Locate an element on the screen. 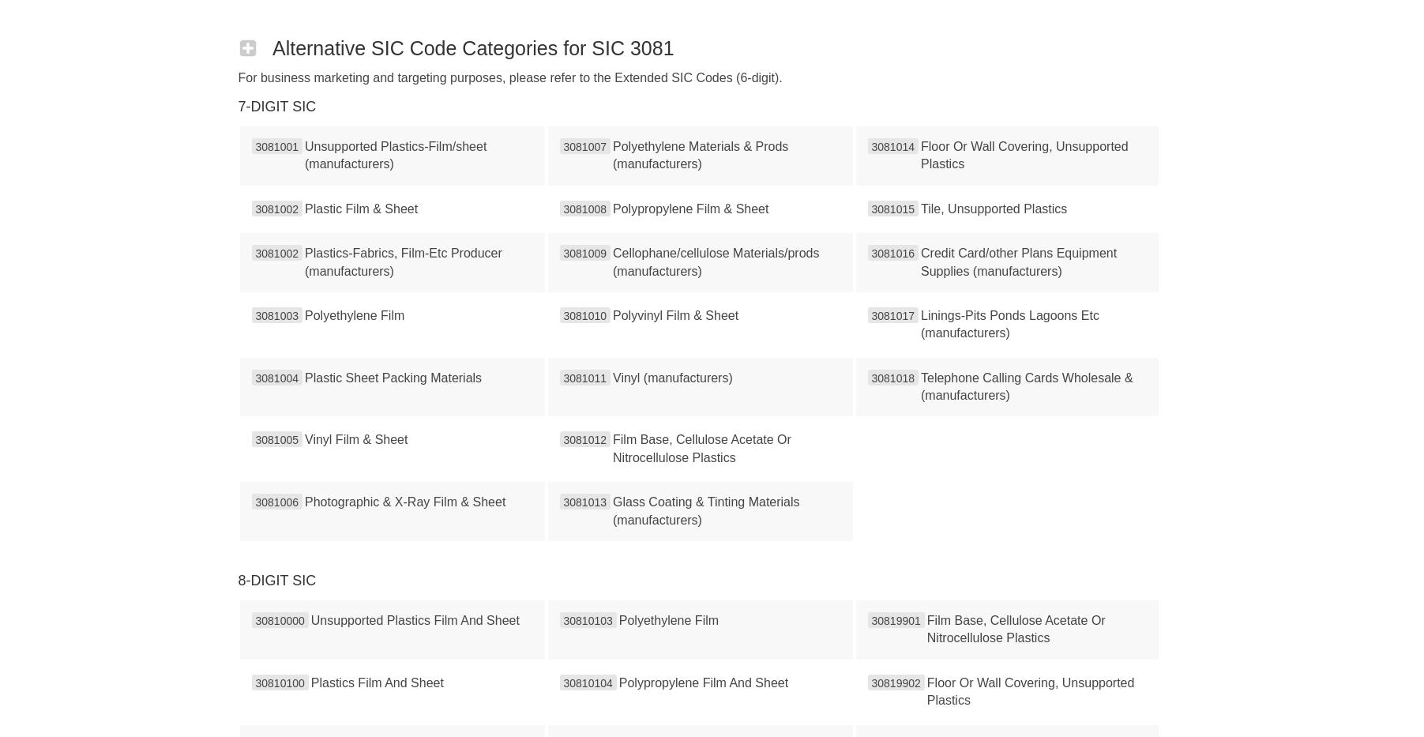 This screenshot has height=737, width=1424. '3081001' is located at coordinates (276, 146).